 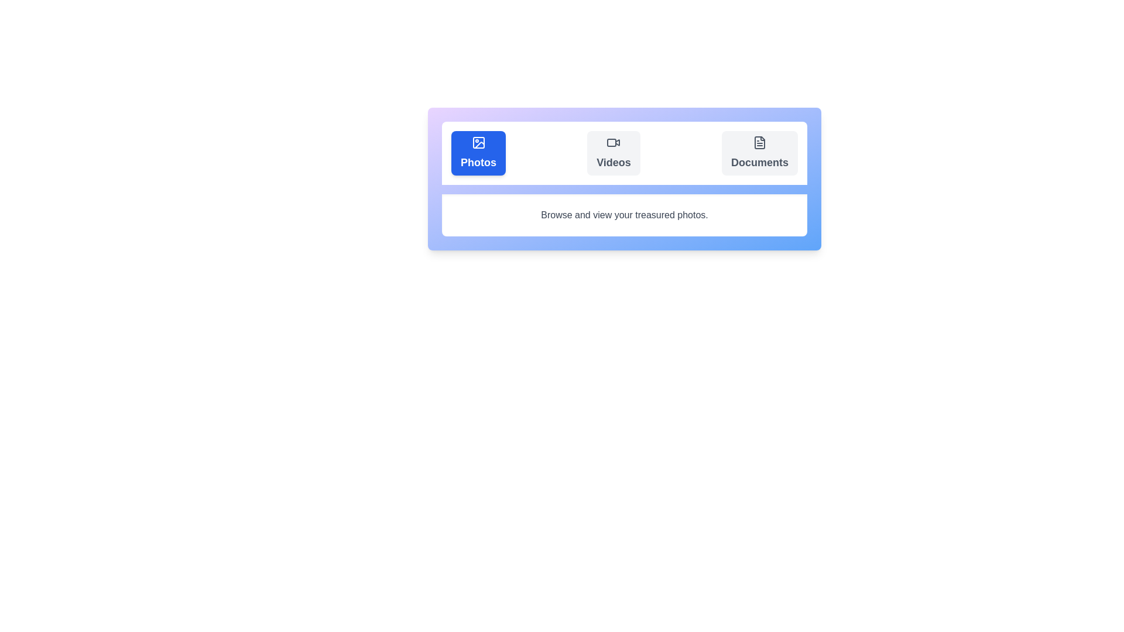 What do you see at coordinates (759, 142) in the screenshot?
I see `the decorative icon representing the 'Documents' section in the navigation interface, which is part of a group and positioned centrally above the 'Documents' label` at bounding box center [759, 142].